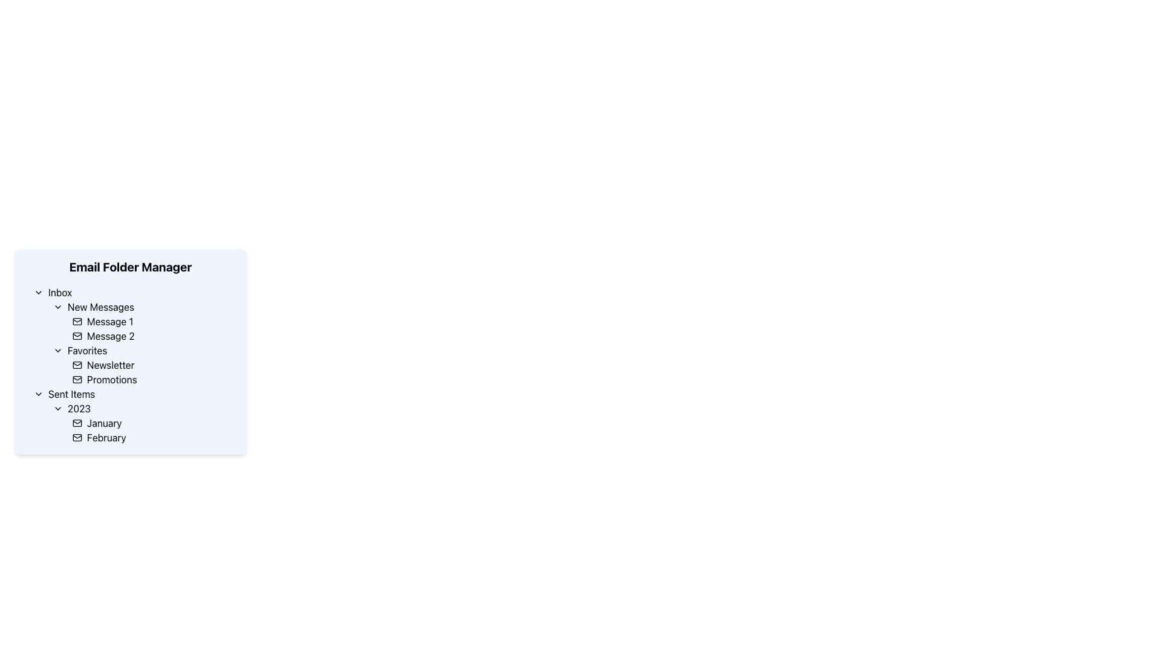 This screenshot has width=1161, height=653. Describe the element at coordinates (135, 394) in the screenshot. I see `the 'Sent Items' category in the email folder navigation panel` at that location.